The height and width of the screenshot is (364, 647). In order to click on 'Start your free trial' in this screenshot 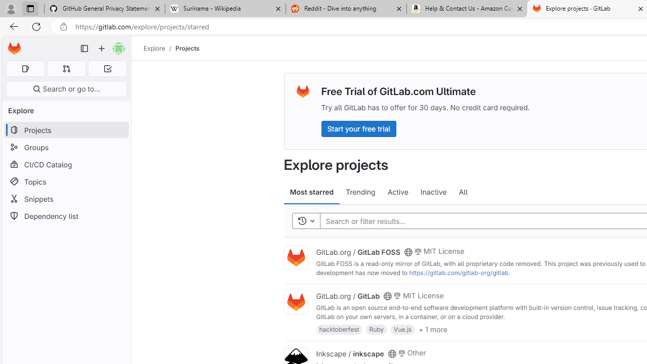, I will do `click(358, 128)`.